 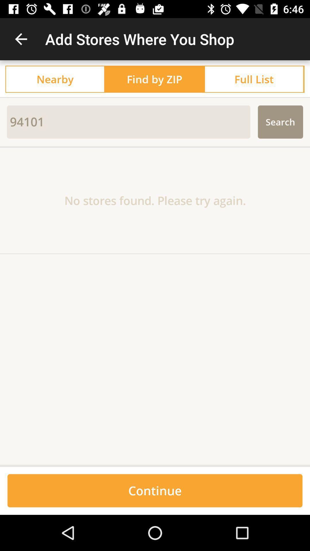 What do you see at coordinates (155, 464) in the screenshot?
I see `item below no stores found icon` at bounding box center [155, 464].